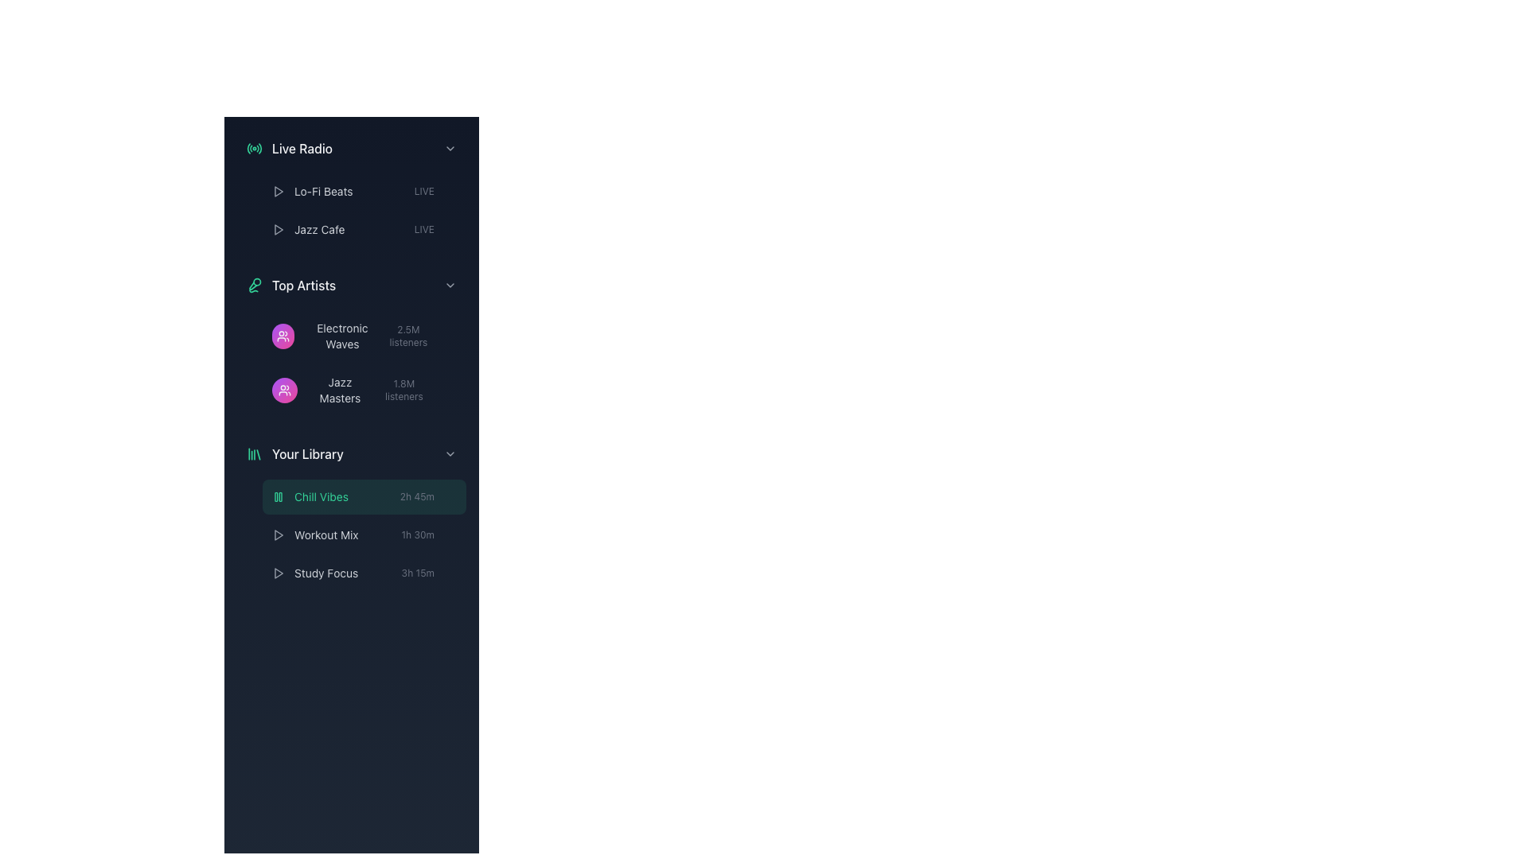  I want to click on the text label that reads 'Chill Vibes', styled in emerald-green color and located under the 'Top Artists' section in the 'Your Library' area, so click(320, 496).